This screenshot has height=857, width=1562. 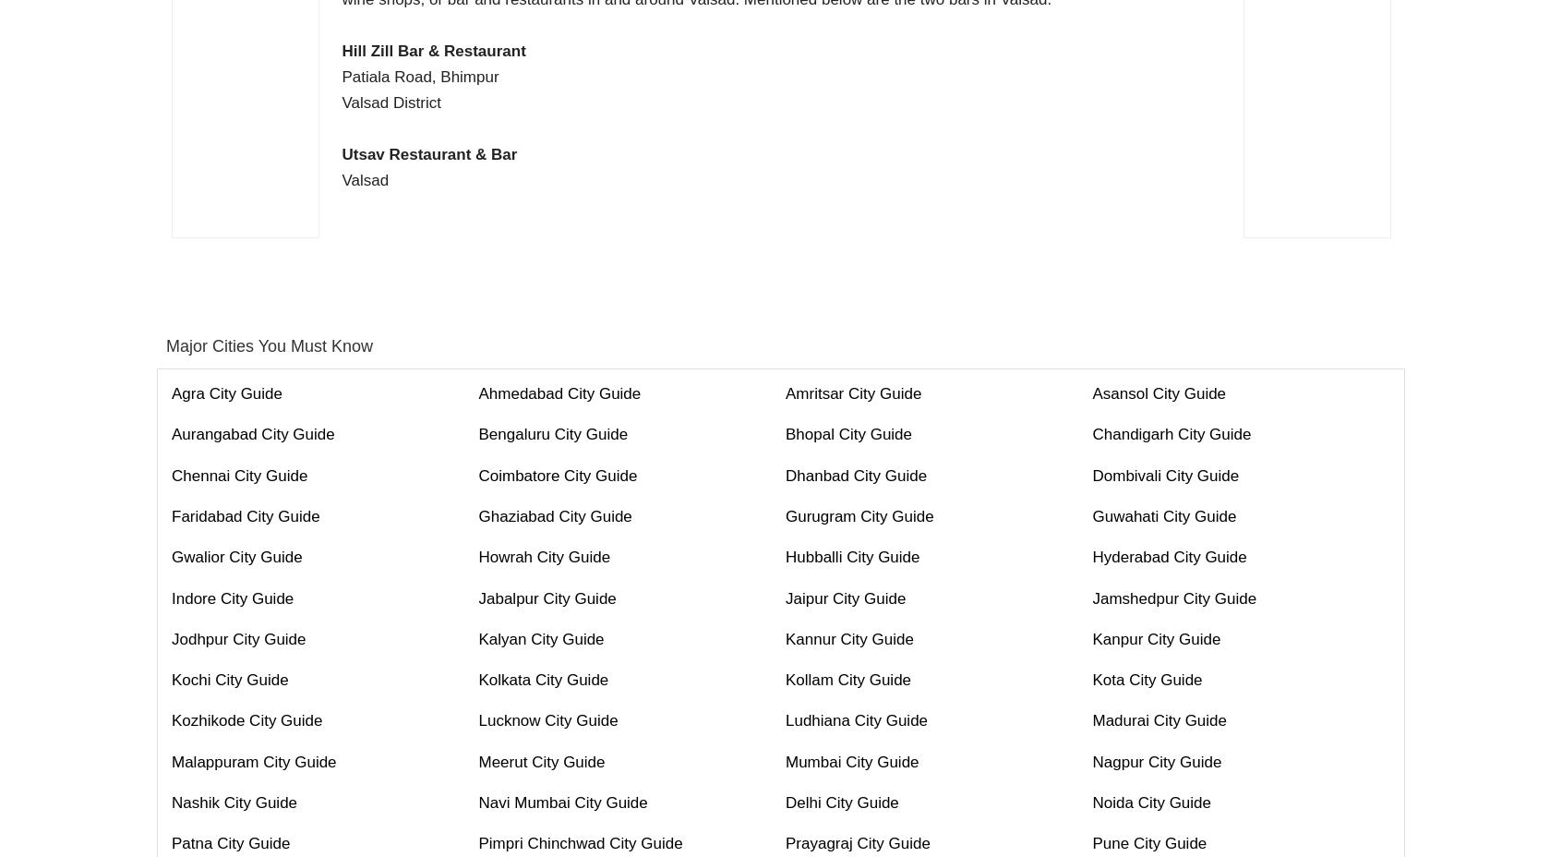 I want to click on 'Kota City Guide', so click(x=1147, y=679).